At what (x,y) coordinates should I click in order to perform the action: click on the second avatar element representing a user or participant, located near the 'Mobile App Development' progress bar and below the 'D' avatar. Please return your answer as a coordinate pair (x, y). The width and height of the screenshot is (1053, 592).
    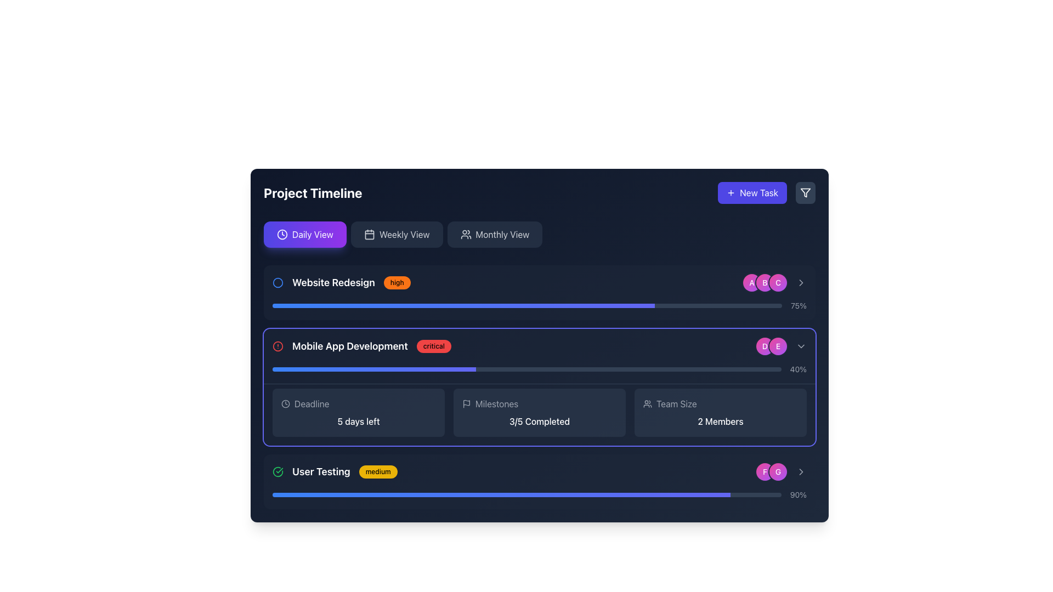
    Looking at the image, I should click on (778, 346).